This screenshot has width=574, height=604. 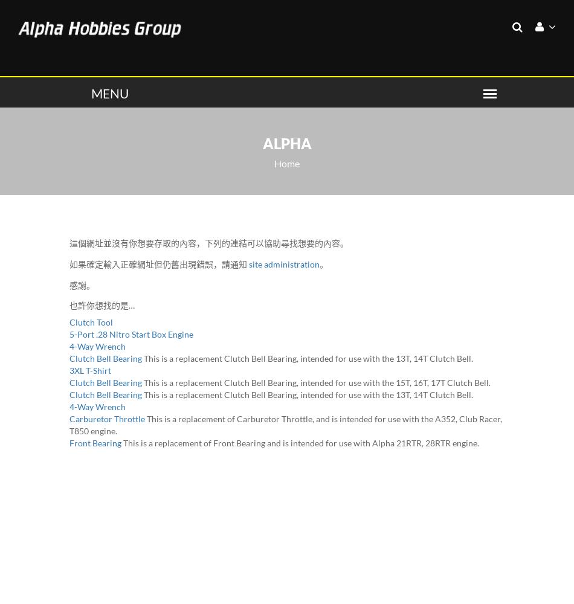 What do you see at coordinates (287, 163) in the screenshot?
I see `'Home'` at bounding box center [287, 163].